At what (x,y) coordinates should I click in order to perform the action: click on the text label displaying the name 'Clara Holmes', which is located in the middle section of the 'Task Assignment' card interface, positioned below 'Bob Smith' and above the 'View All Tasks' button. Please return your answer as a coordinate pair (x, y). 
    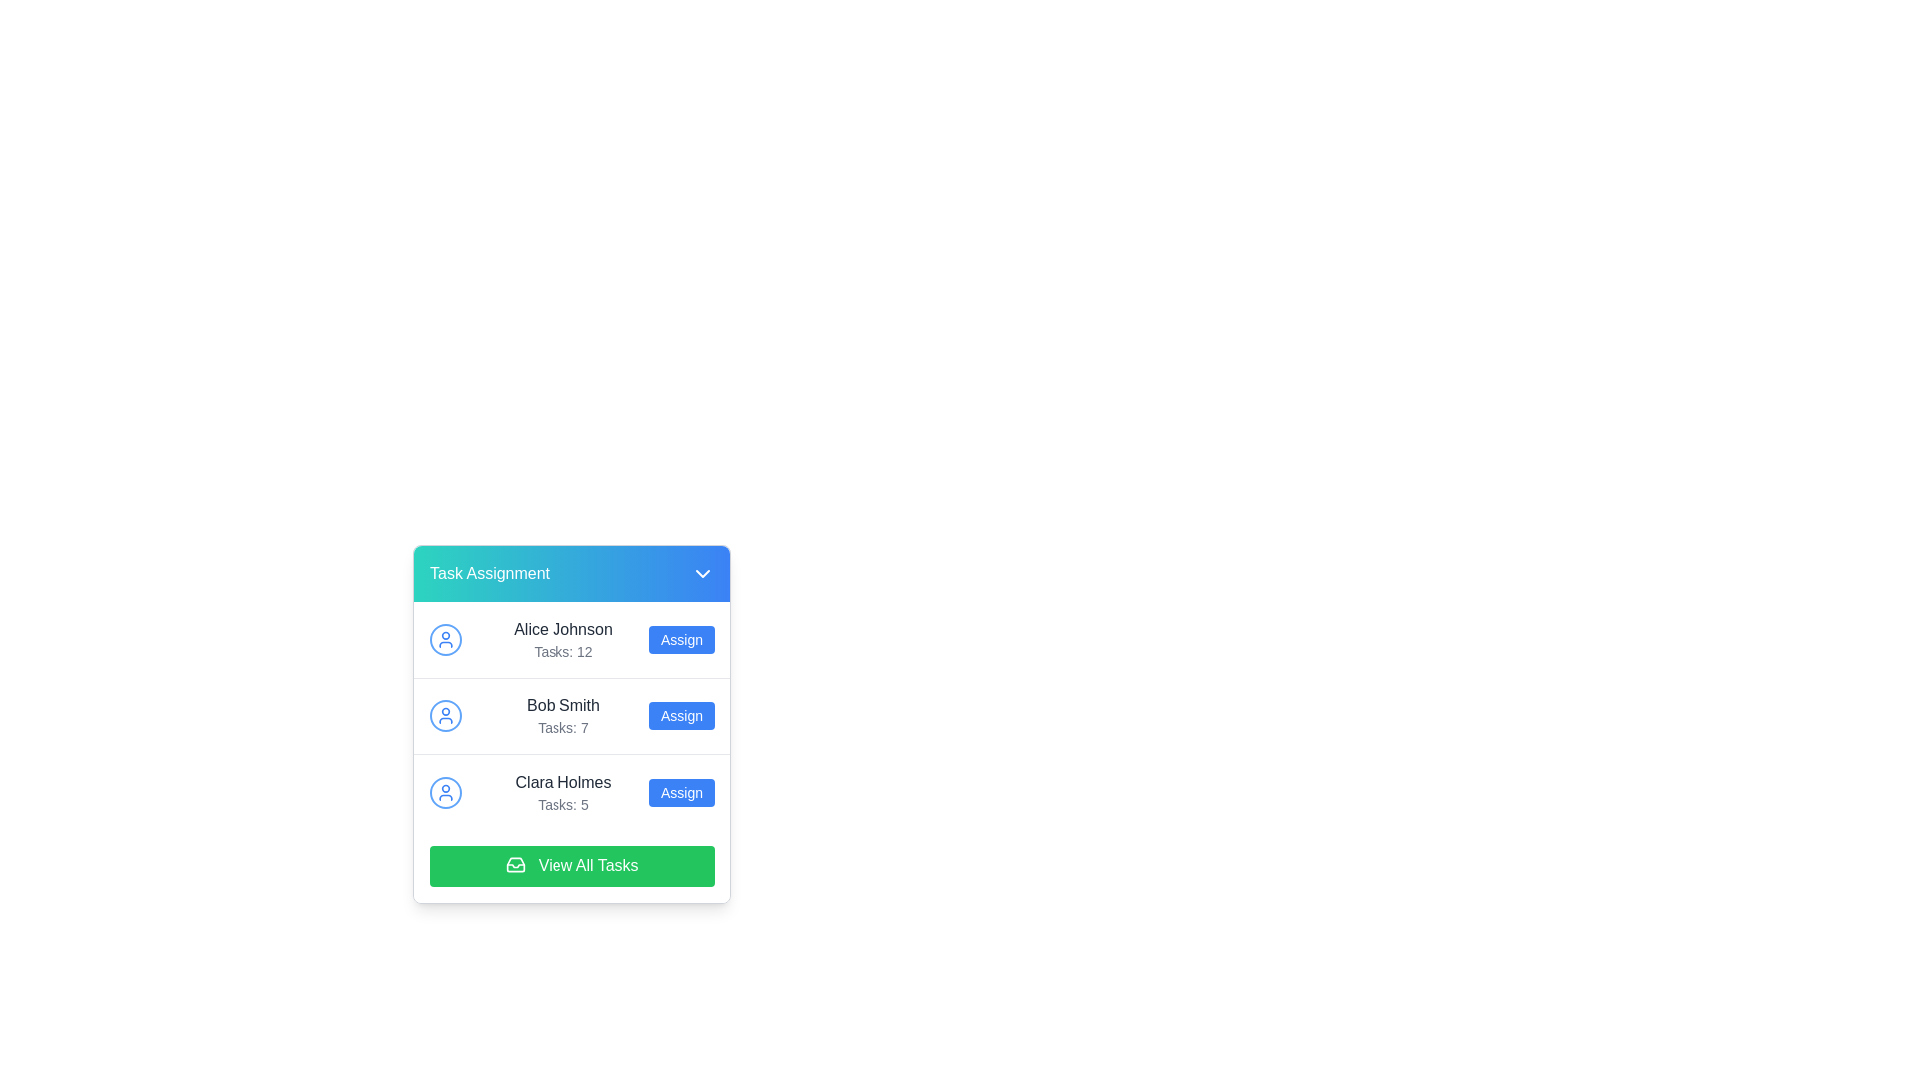
    Looking at the image, I should click on (561, 781).